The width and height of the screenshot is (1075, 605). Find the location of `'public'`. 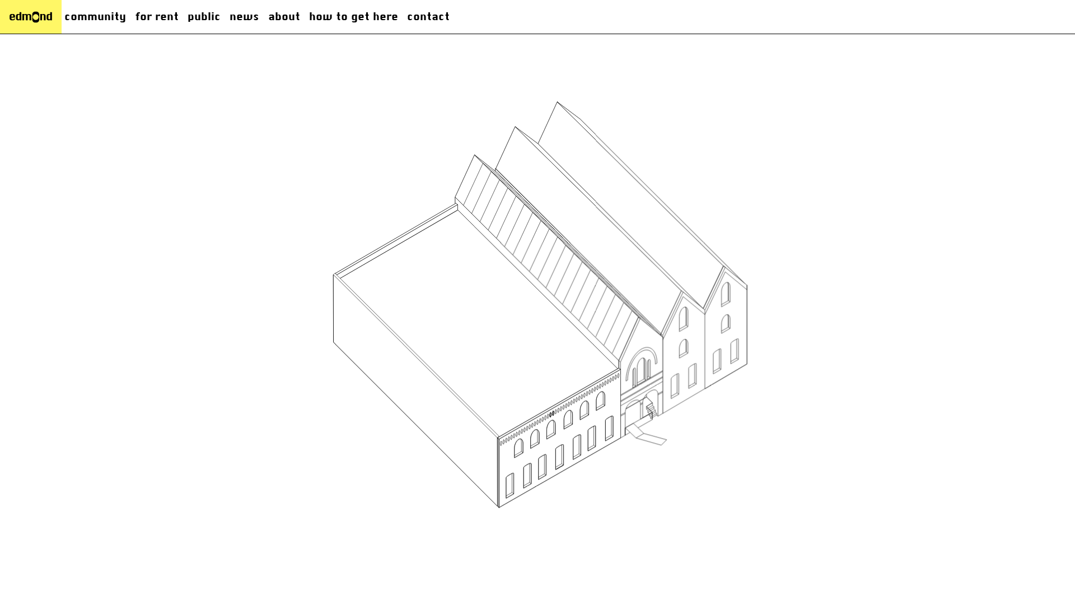

'public' is located at coordinates (204, 17).